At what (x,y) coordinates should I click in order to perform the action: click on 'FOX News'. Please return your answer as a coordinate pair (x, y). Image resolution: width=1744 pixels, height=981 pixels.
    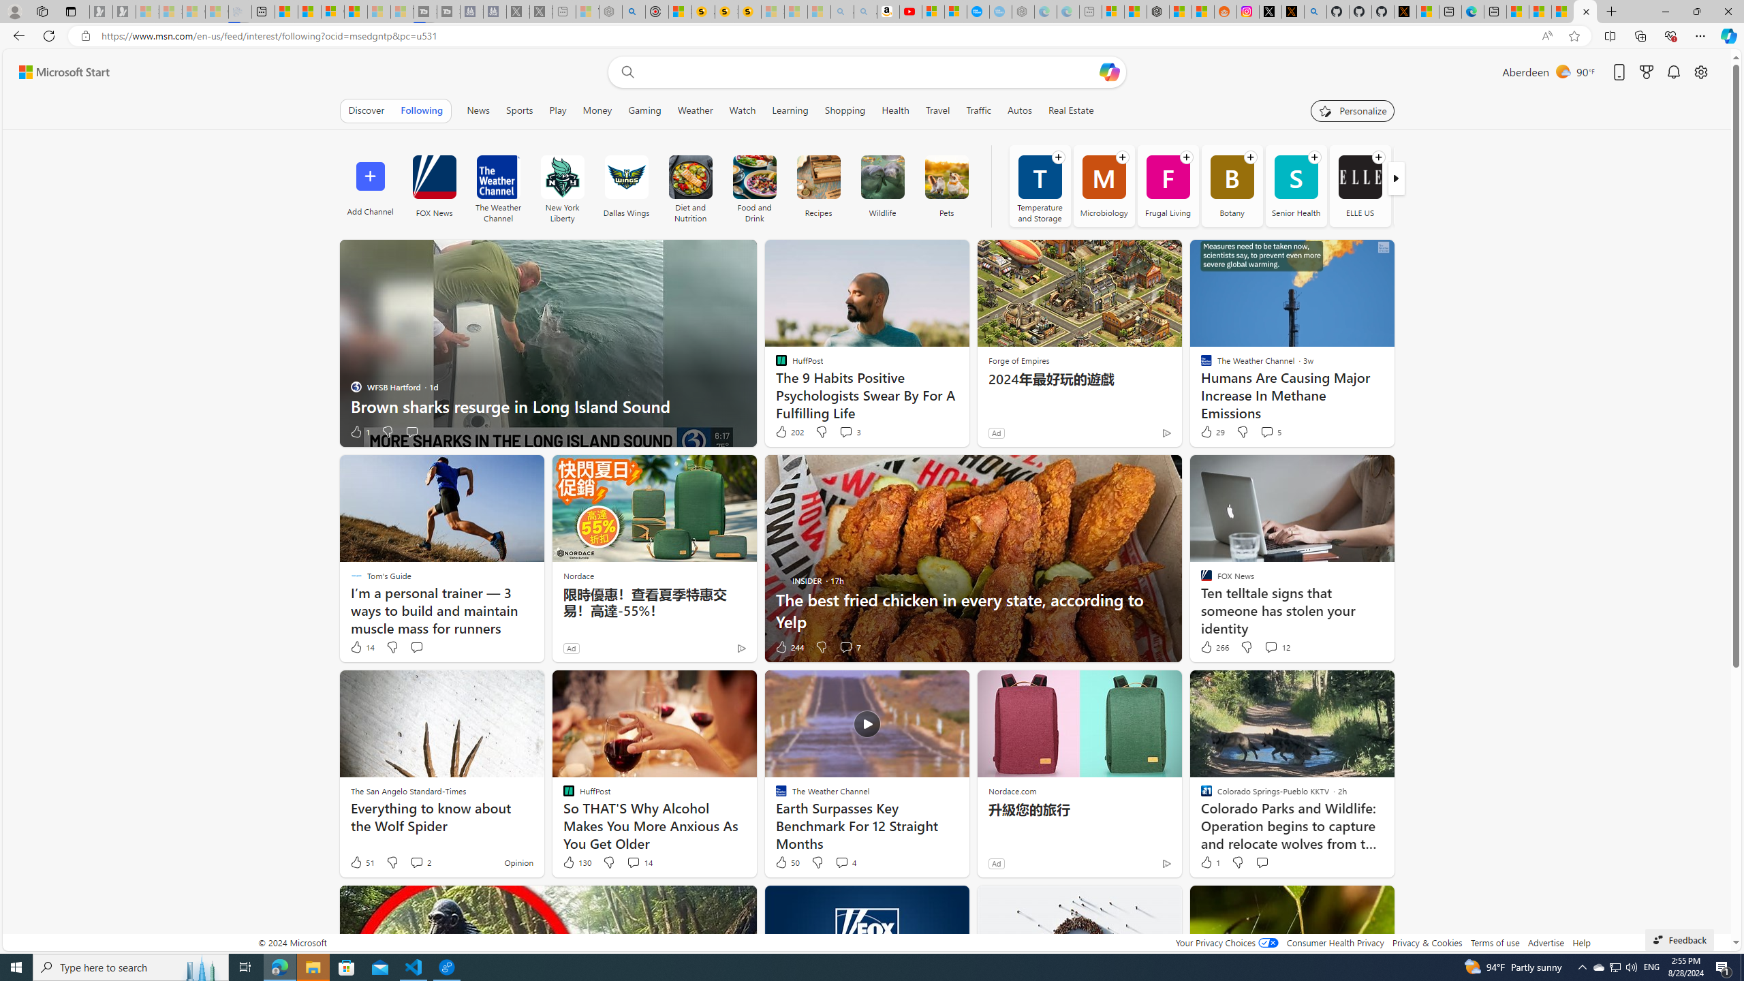
    Looking at the image, I should click on (433, 176).